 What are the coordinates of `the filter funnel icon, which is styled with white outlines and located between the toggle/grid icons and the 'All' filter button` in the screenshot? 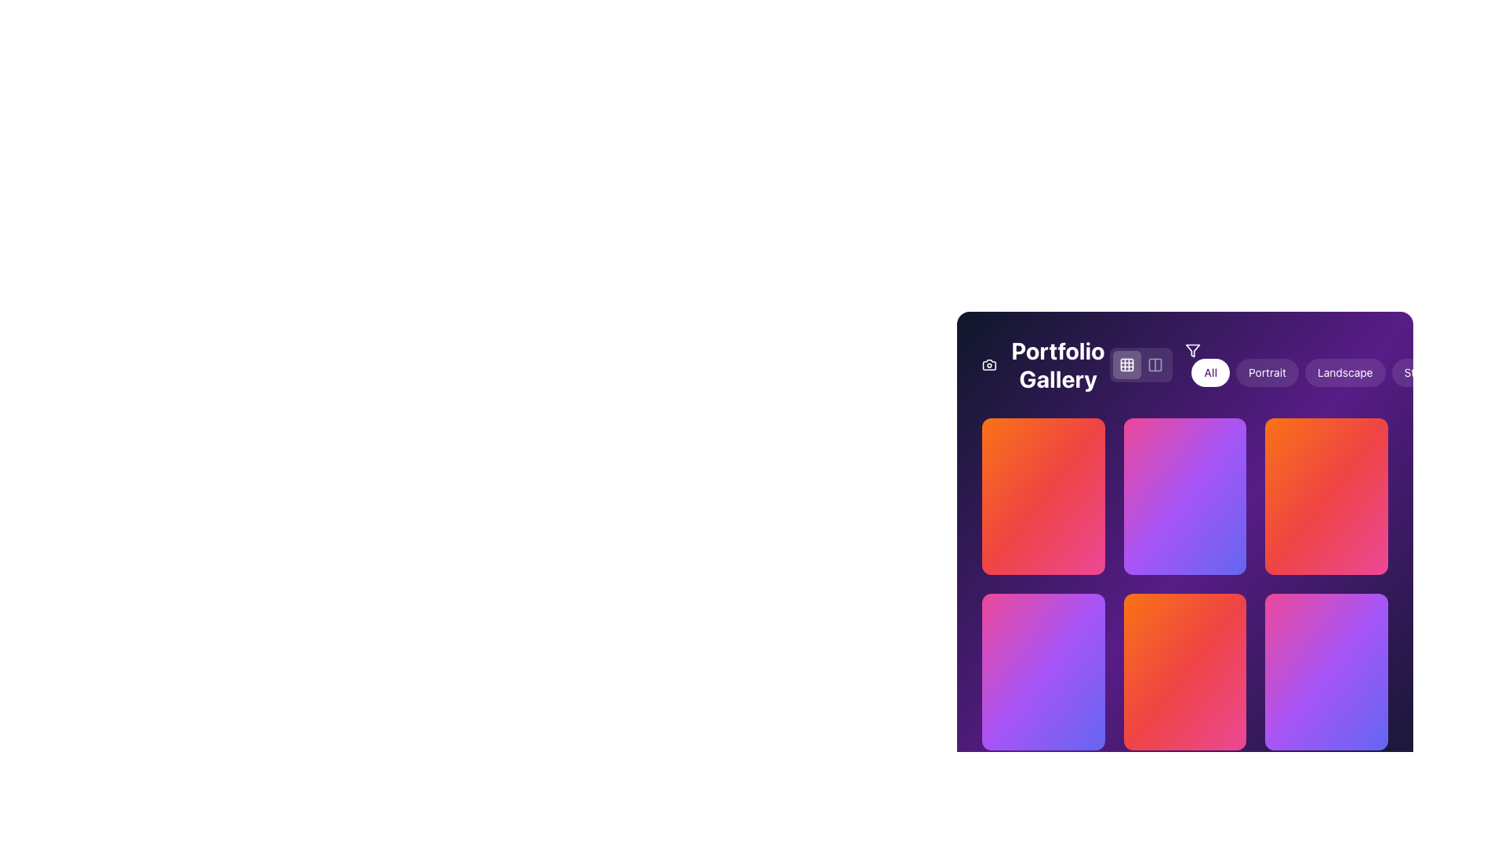 It's located at (1192, 349).